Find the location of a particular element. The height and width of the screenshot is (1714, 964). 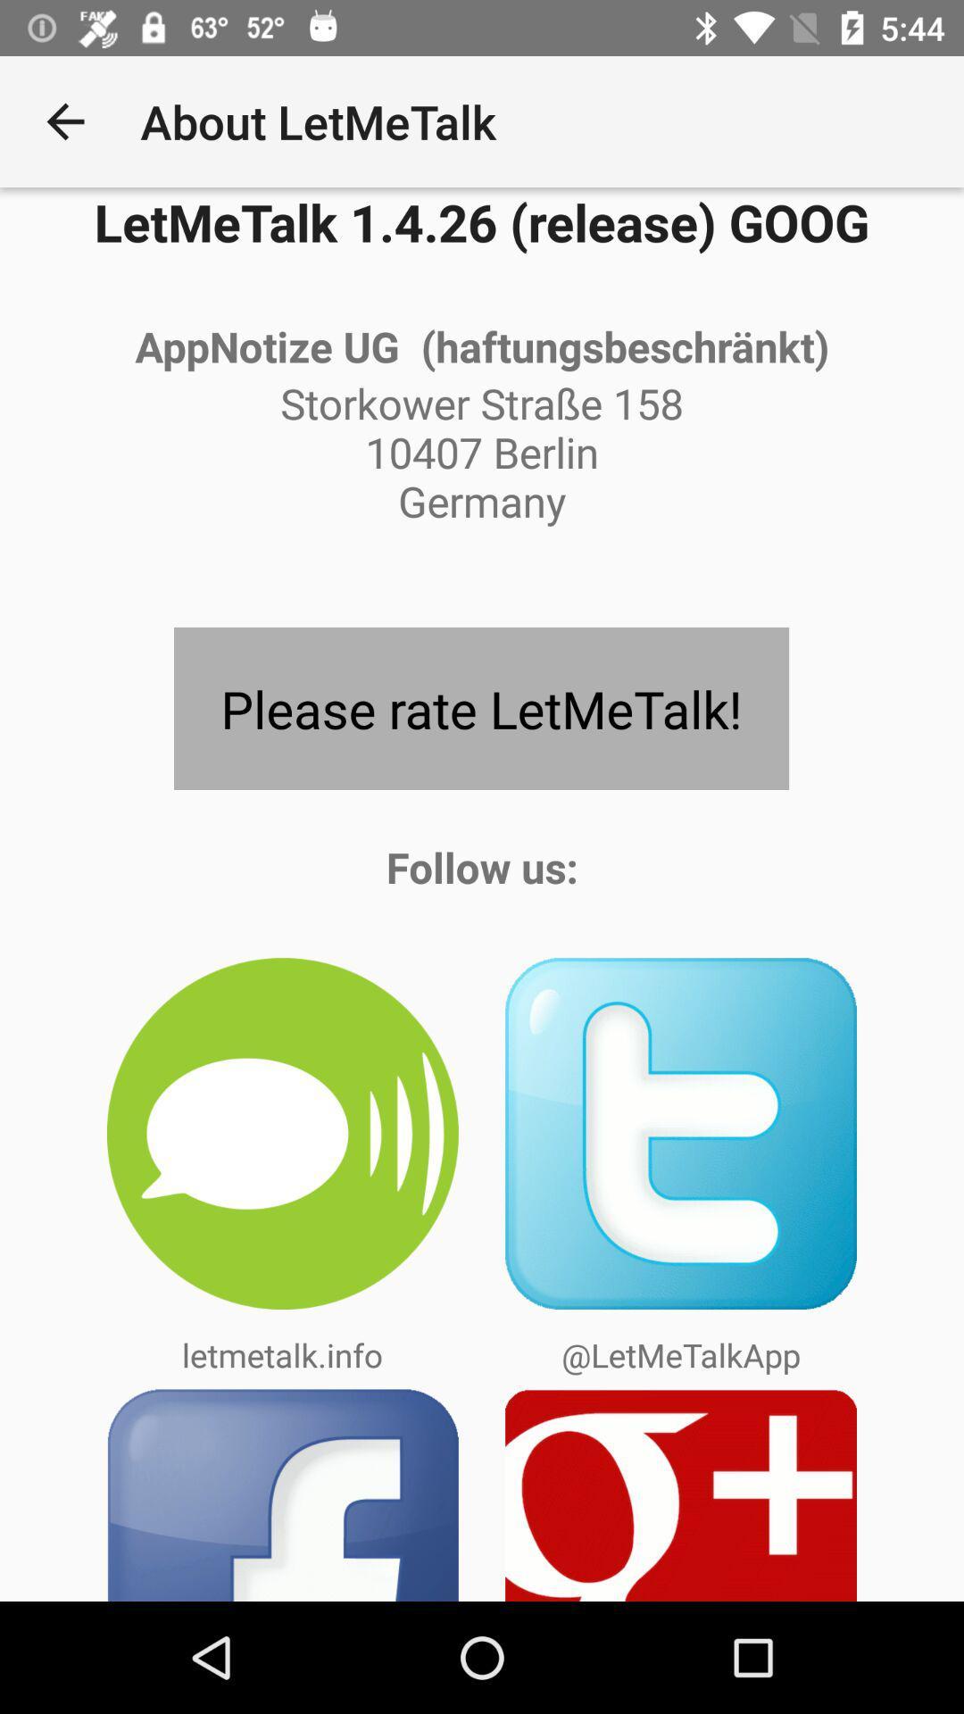

item above letmetalk 1 4 item is located at coordinates (64, 121).